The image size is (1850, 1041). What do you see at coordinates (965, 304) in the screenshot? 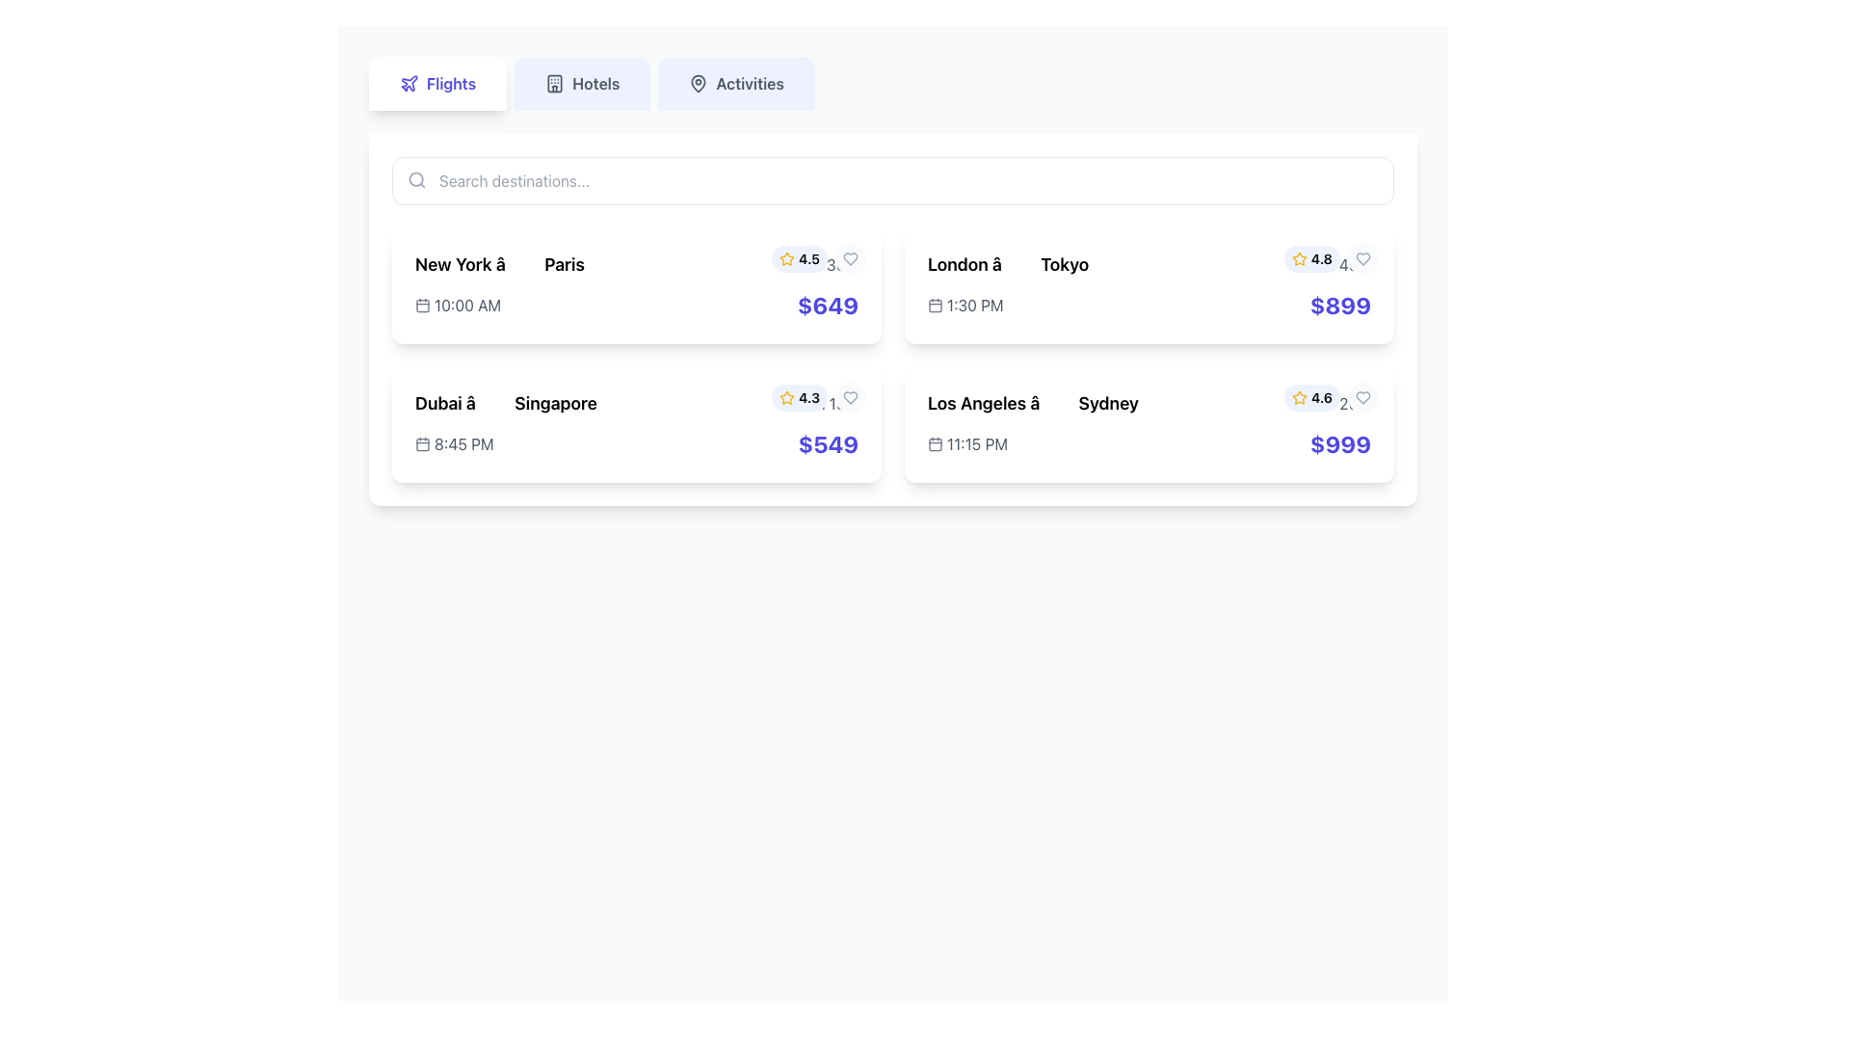
I see `the Label with icon indicating the departure time for the flight, located in the middle row of the right-most flight card, positioned below the flight route and above the price` at bounding box center [965, 304].